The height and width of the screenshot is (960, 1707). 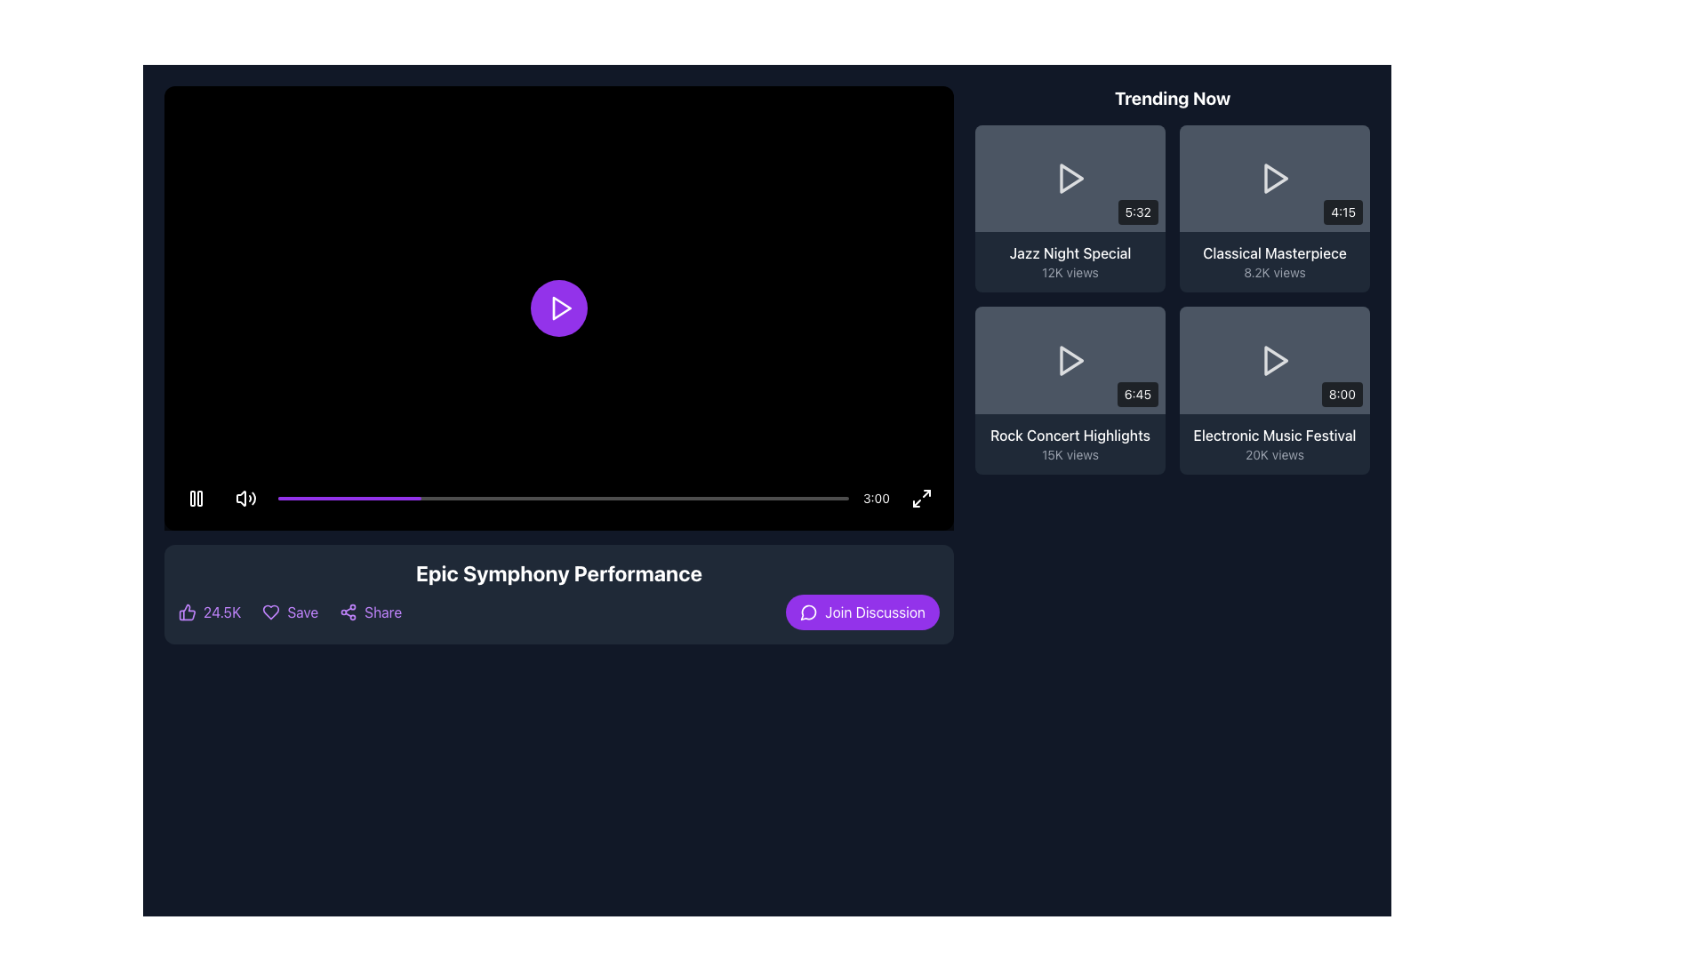 What do you see at coordinates (370, 611) in the screenshot?
I see `the 'Share' button located at the bottom left section underneath the video content` at bounding box center [370, 611].